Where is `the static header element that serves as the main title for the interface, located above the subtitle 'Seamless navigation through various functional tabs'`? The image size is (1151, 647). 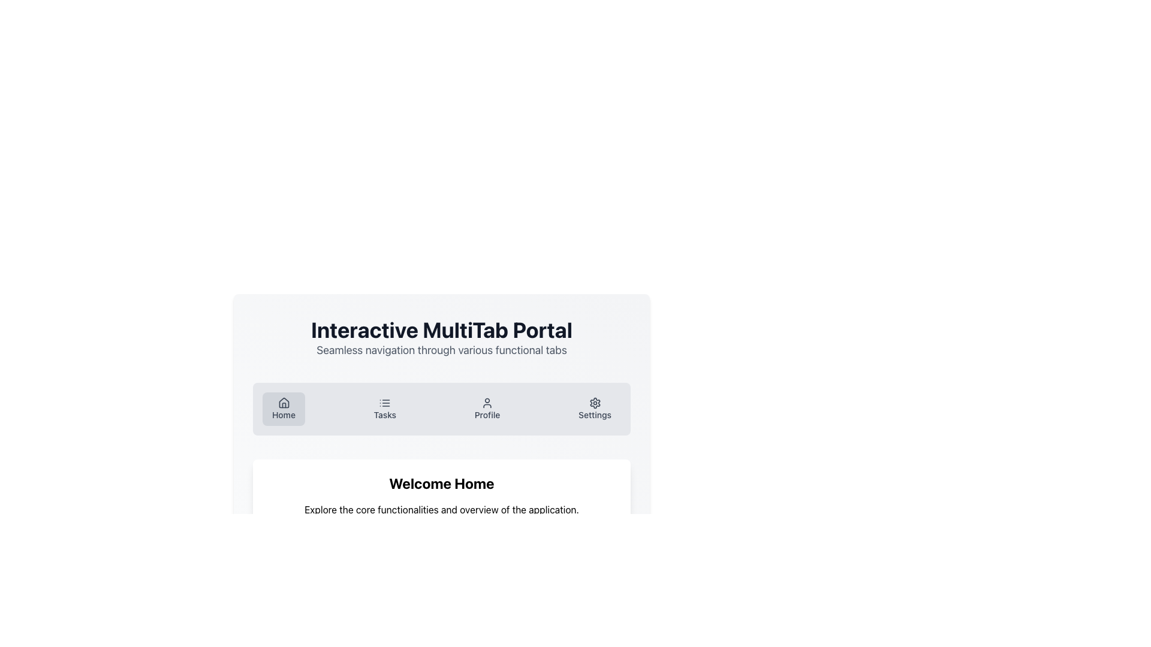
the static header element that serves as the main title for the interface, located above the subtitle 'Seamless navigation through various functional tabs' is located at coordinates (441, 330).